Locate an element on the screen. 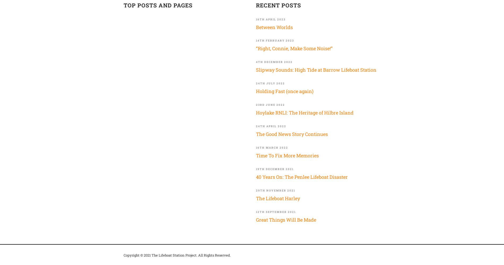  '40 Years On: The Penlee Lifeboat Disaster' is located at coordinates (302, 177).